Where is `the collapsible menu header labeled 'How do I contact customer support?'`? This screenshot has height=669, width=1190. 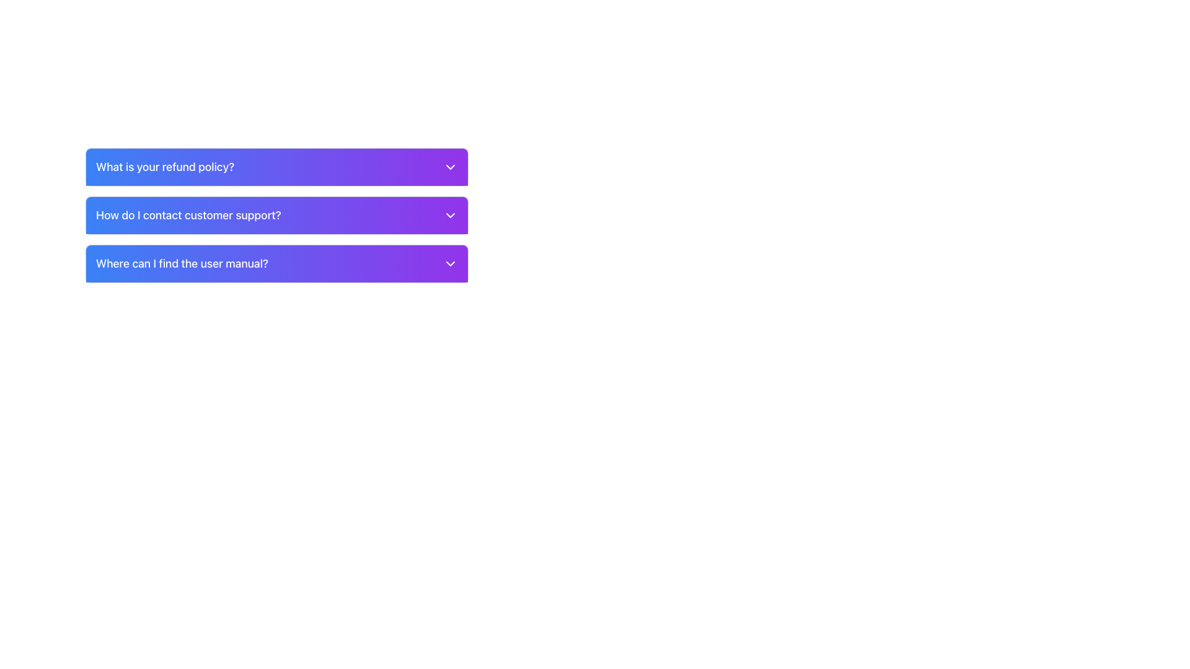
the collapsible menu header labeled 'How do I contact customer support?' is located at coordinates (276, 214).